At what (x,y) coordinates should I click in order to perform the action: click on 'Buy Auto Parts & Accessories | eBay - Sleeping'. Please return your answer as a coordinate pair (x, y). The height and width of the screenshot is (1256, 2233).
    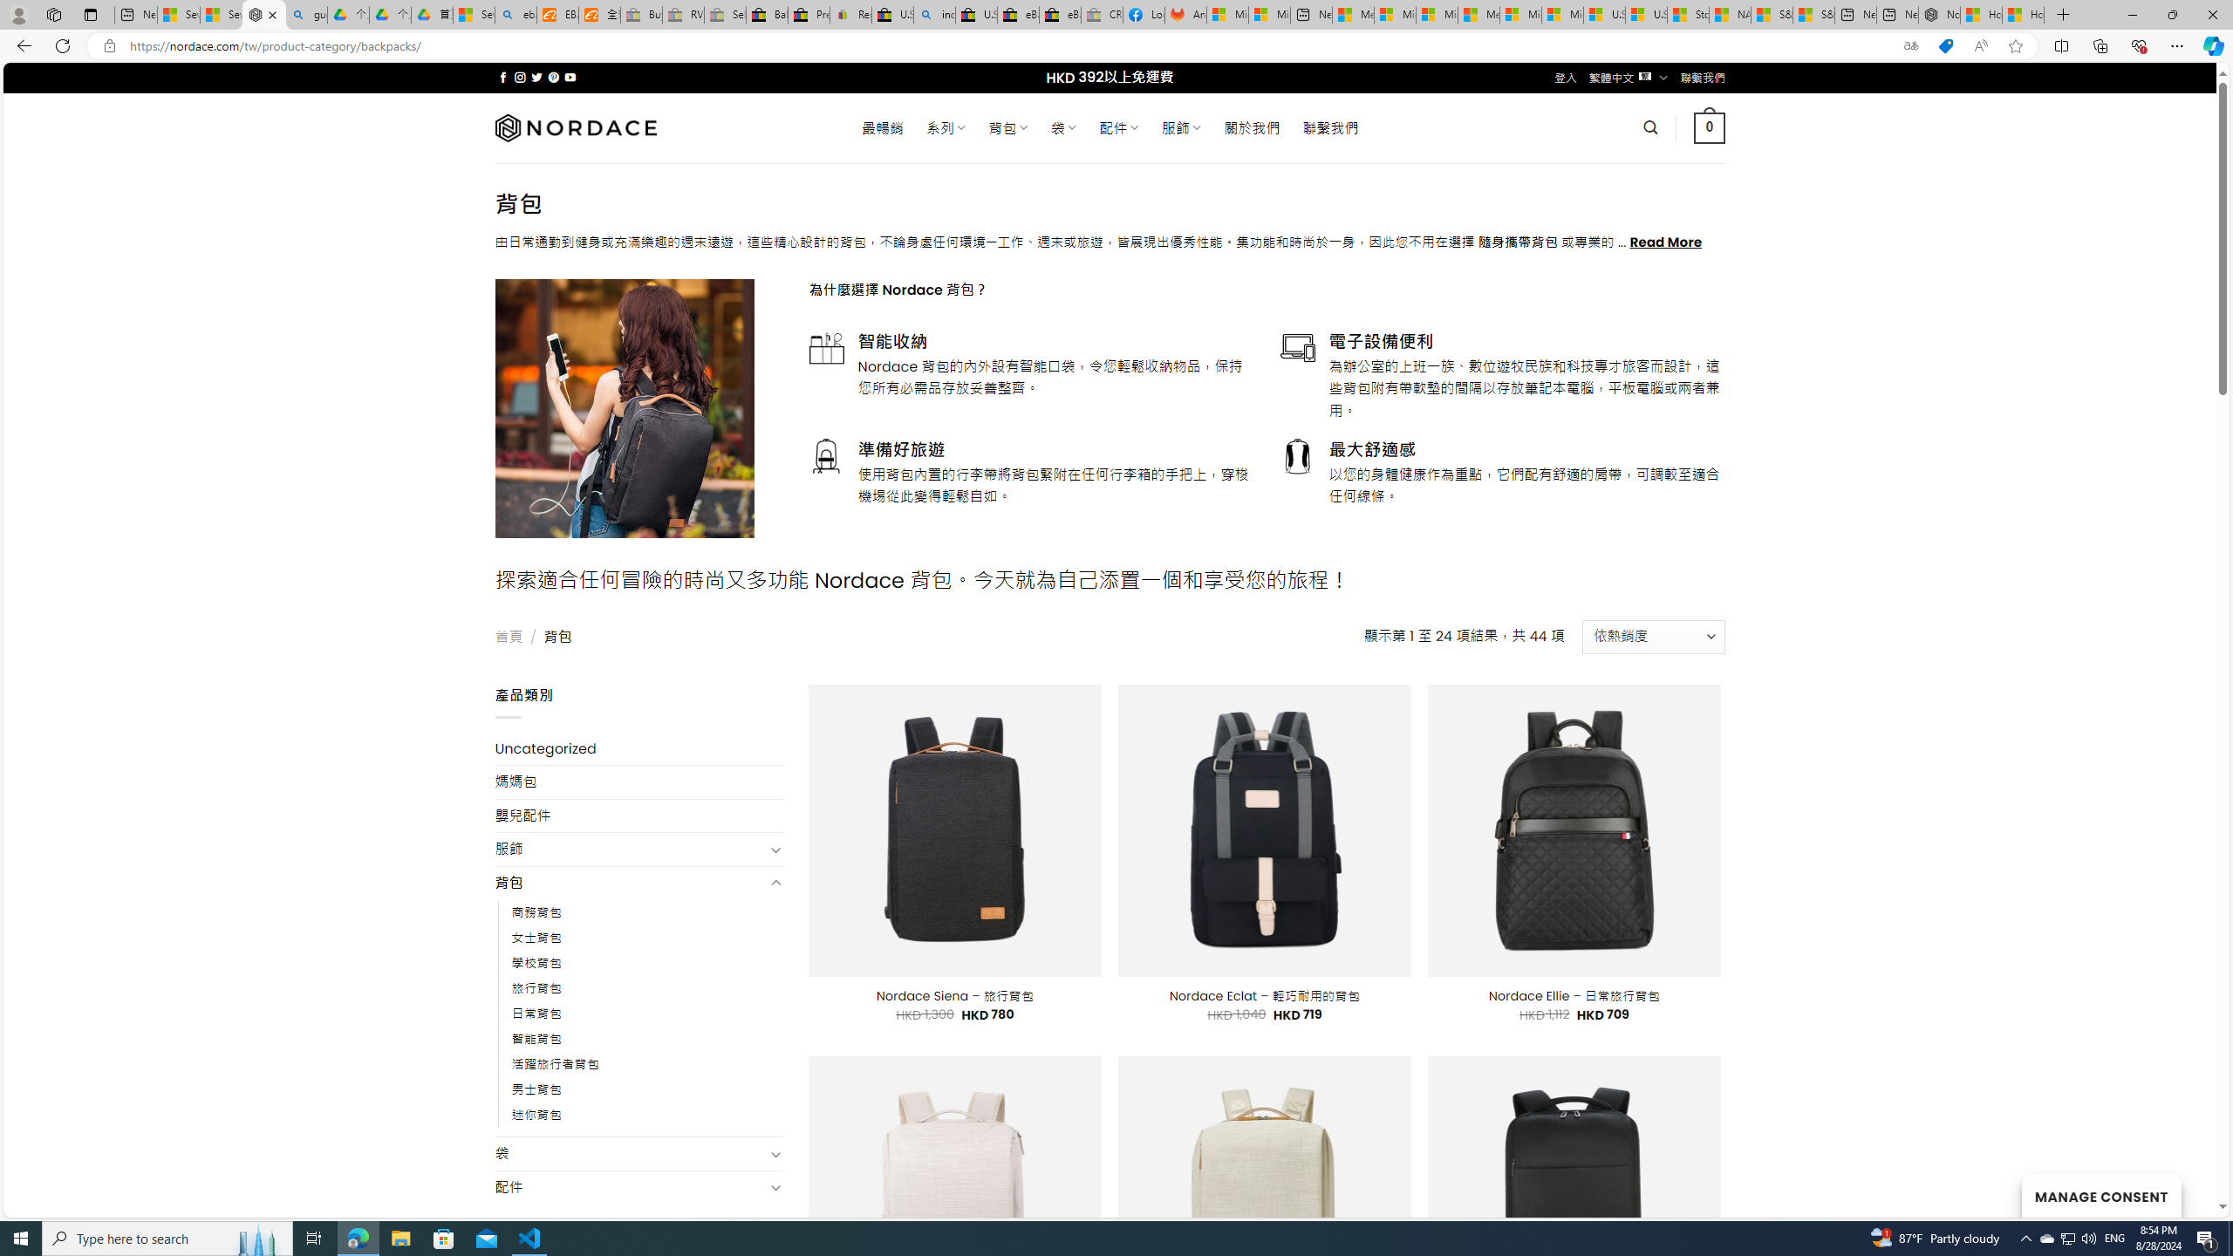
    Looking at the image, I should click on (641, 14).